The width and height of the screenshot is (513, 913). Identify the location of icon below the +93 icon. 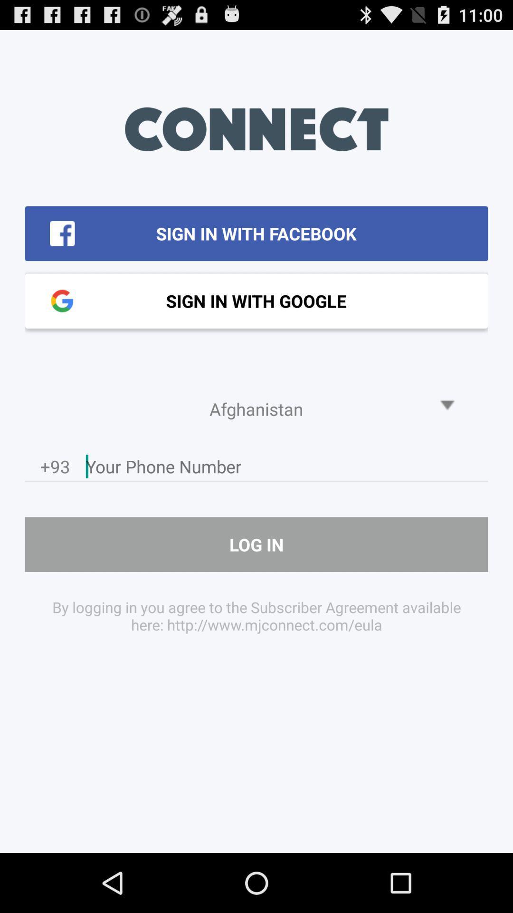
(256, 544).